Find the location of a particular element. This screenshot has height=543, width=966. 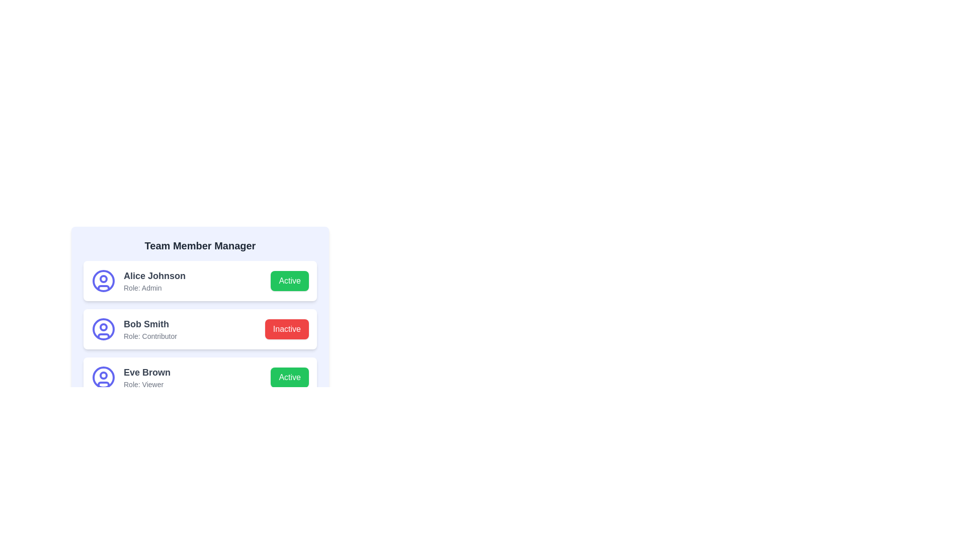

the team member's profile entry located at the center of the list, which provides details about the member's name, role, and status is located at coordinates (200, 329).